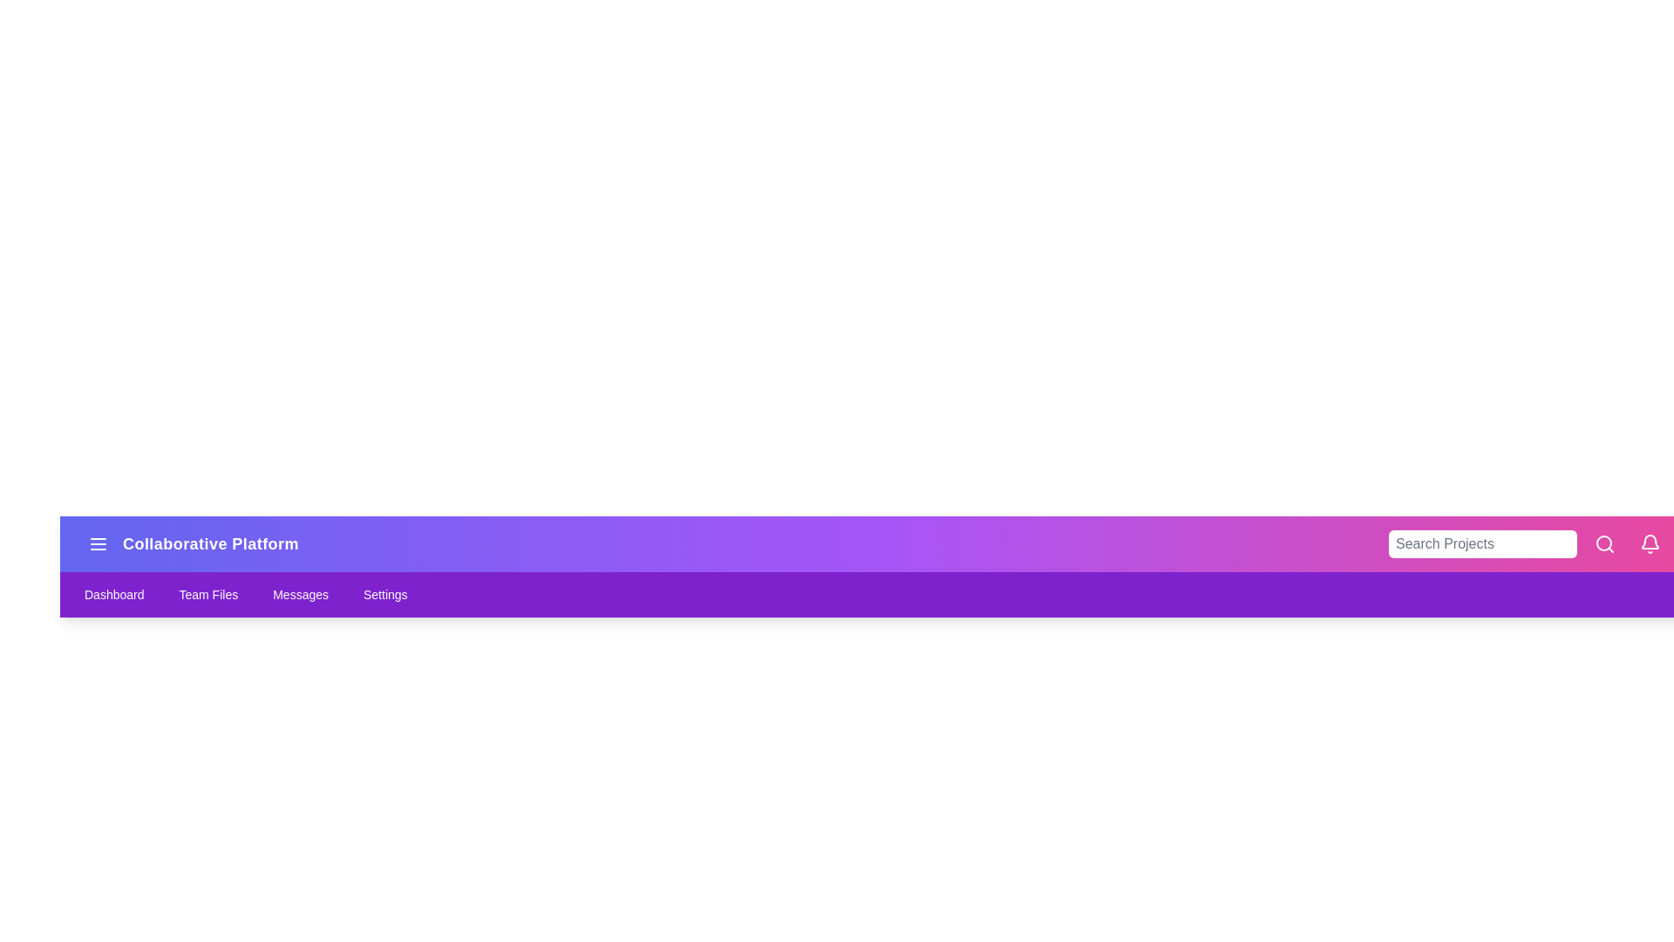 This screenshot has width=1674, height=942. Describe the element at coordinates (384, 594) in the screenshot. I see `the fourth button in the horizontal navigation bar at the bottom of the purple gradient header section to trigger visual feedback` at that location.